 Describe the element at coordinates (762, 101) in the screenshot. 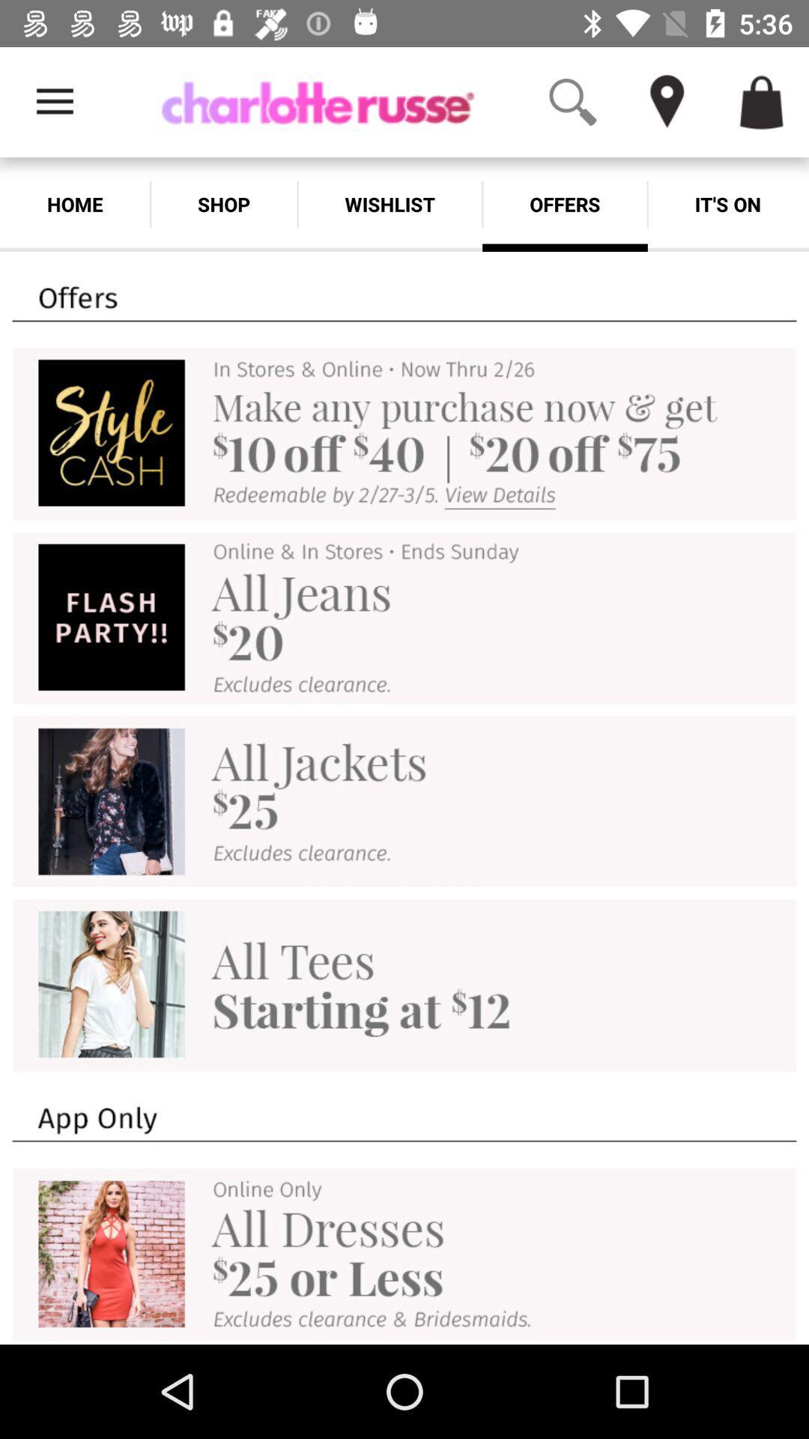

I see `access your cart items you want to purchase` at that location.